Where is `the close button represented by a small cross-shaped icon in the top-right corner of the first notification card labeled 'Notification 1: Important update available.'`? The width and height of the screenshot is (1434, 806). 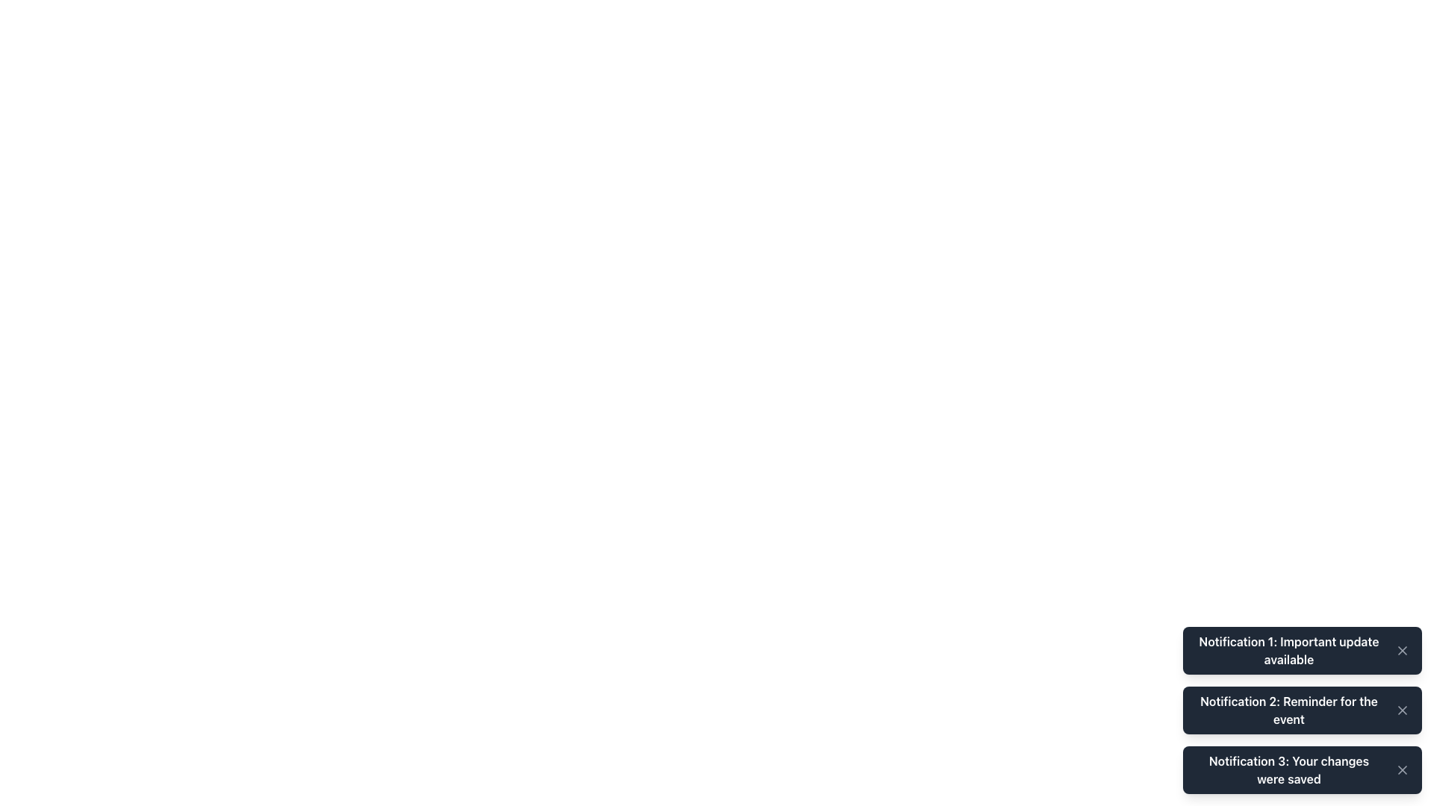 the close button represented by a small cross-shaped icon in the top-right corner of the first notification card labeled 'Notification 1: Important update available.' is located at coordinates (1401, 649).